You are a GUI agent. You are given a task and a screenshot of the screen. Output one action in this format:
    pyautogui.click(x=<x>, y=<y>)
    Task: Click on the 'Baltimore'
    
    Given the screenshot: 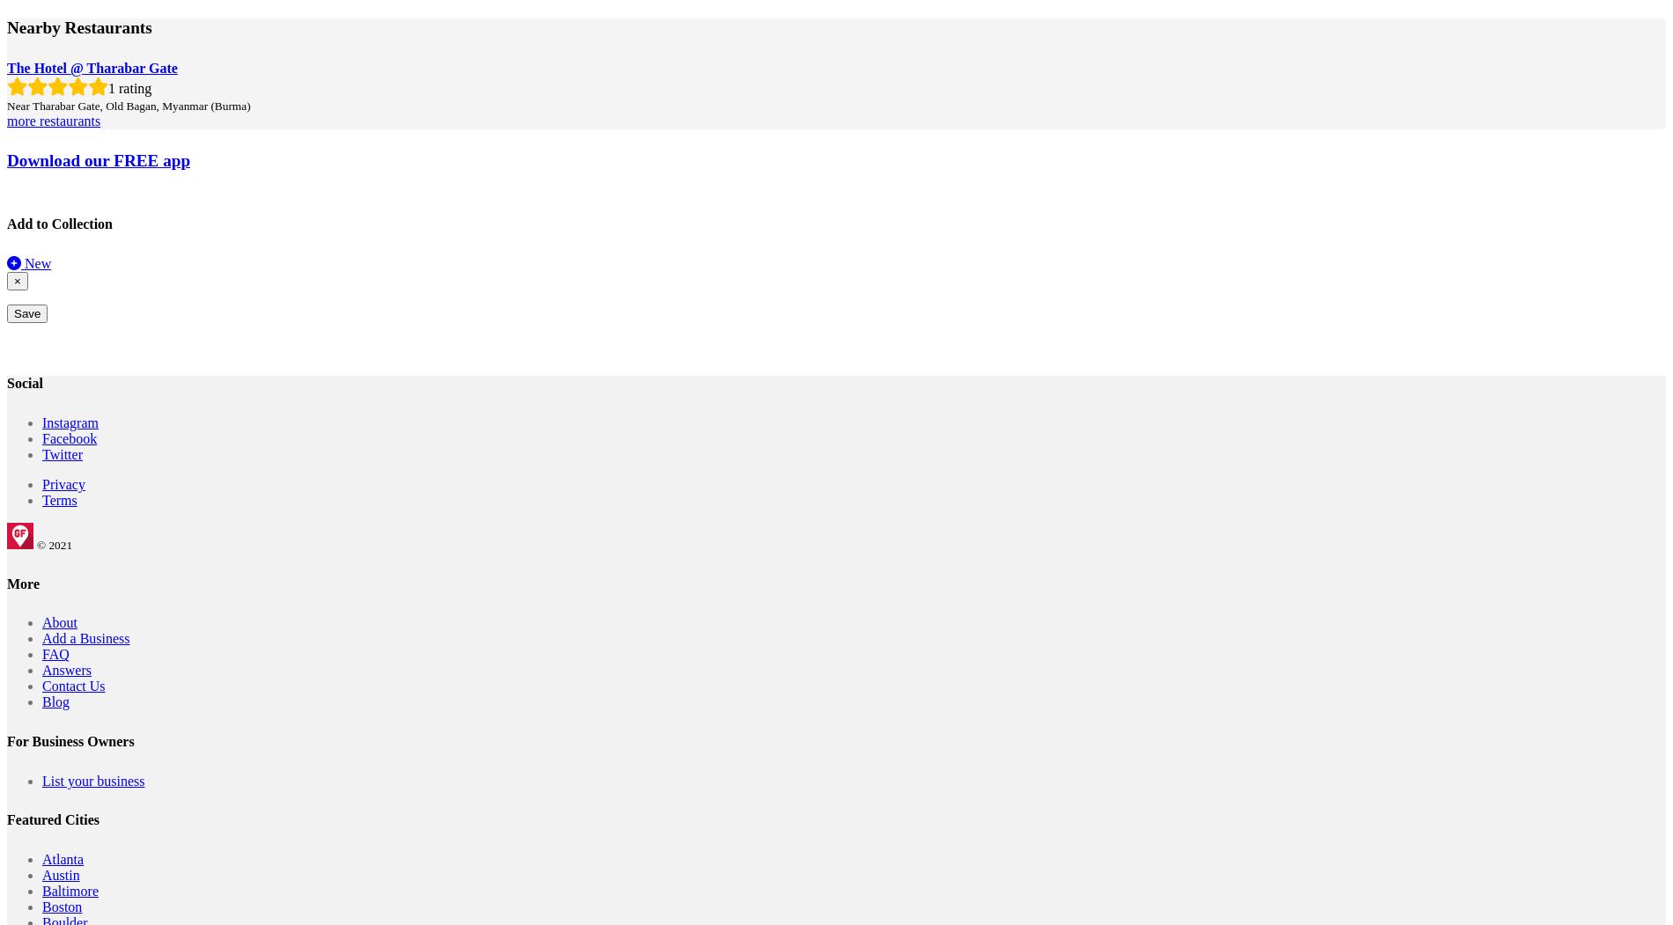 What is the action you would take?
    pyautogui.click(x=70, y=890)
    